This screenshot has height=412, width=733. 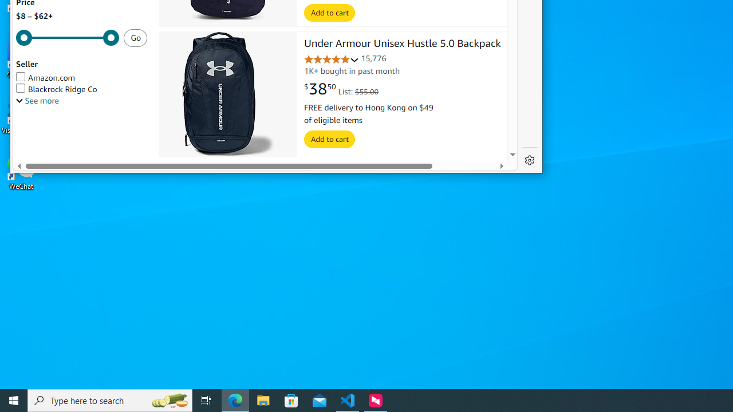 What do you see at coordinates (331, 60) in the screenshot?
I see `'4.8 out of 5 stars'` at bounding box center [331, 60].